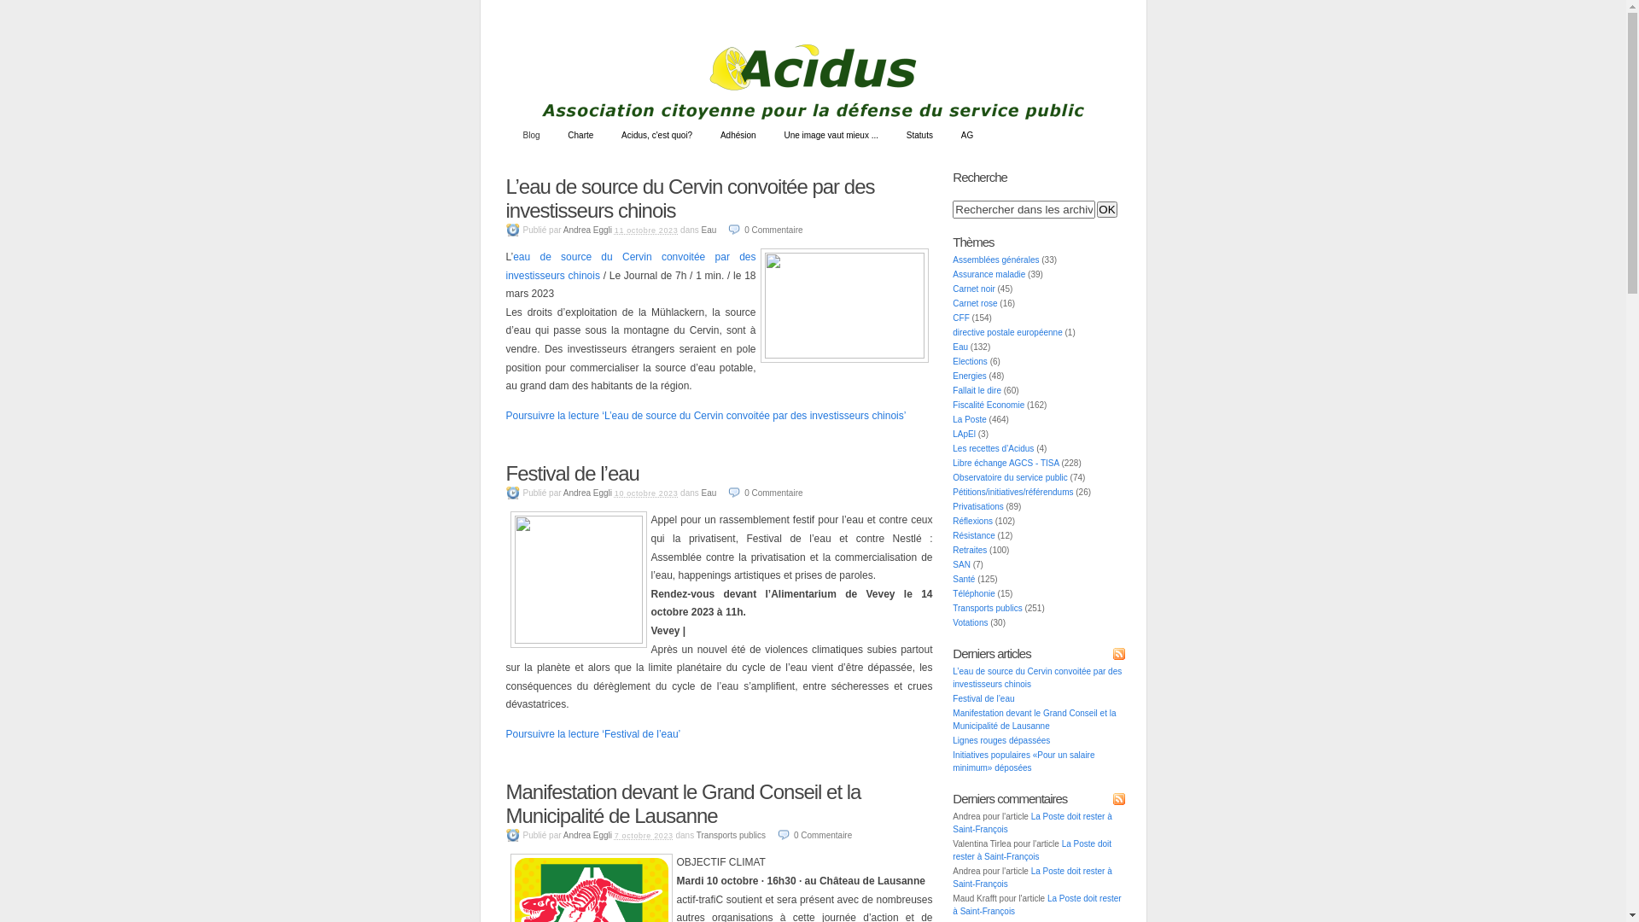  What do you see at coordinates (892, 134) in the screenshot?
I see `'Statuts'` at bounding box center [892, 134].